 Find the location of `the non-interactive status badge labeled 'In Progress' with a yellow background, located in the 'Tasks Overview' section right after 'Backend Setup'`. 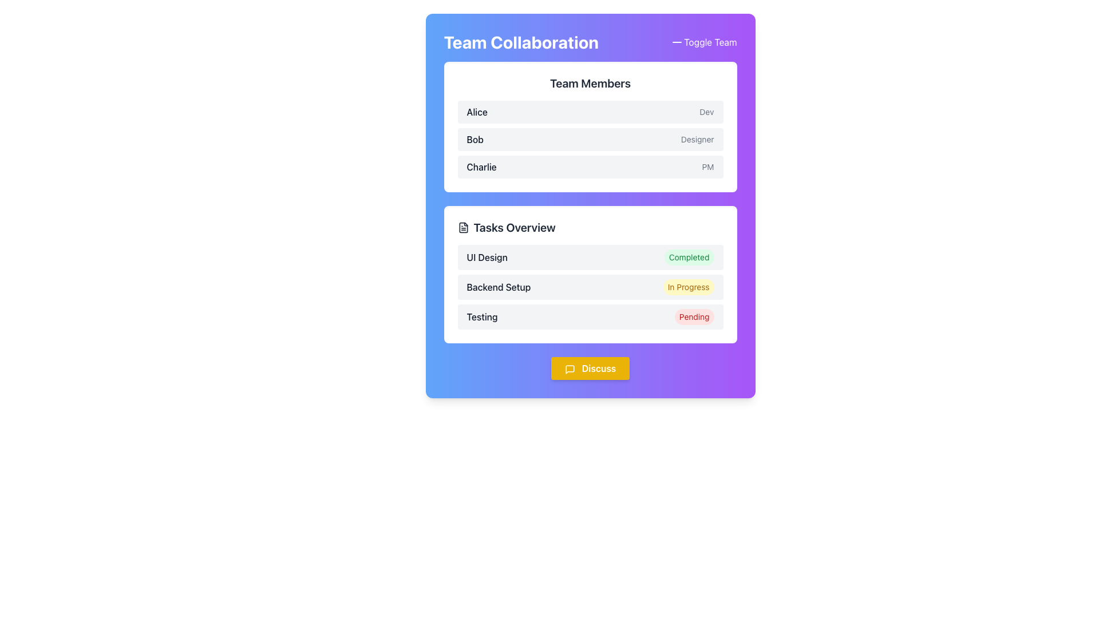

the non-interactive status badge labeled 'In Progress' with a yellow background, located in the 'Tasks Overview' section right after 'Backend Setup' is located at coordinates (688, 286).